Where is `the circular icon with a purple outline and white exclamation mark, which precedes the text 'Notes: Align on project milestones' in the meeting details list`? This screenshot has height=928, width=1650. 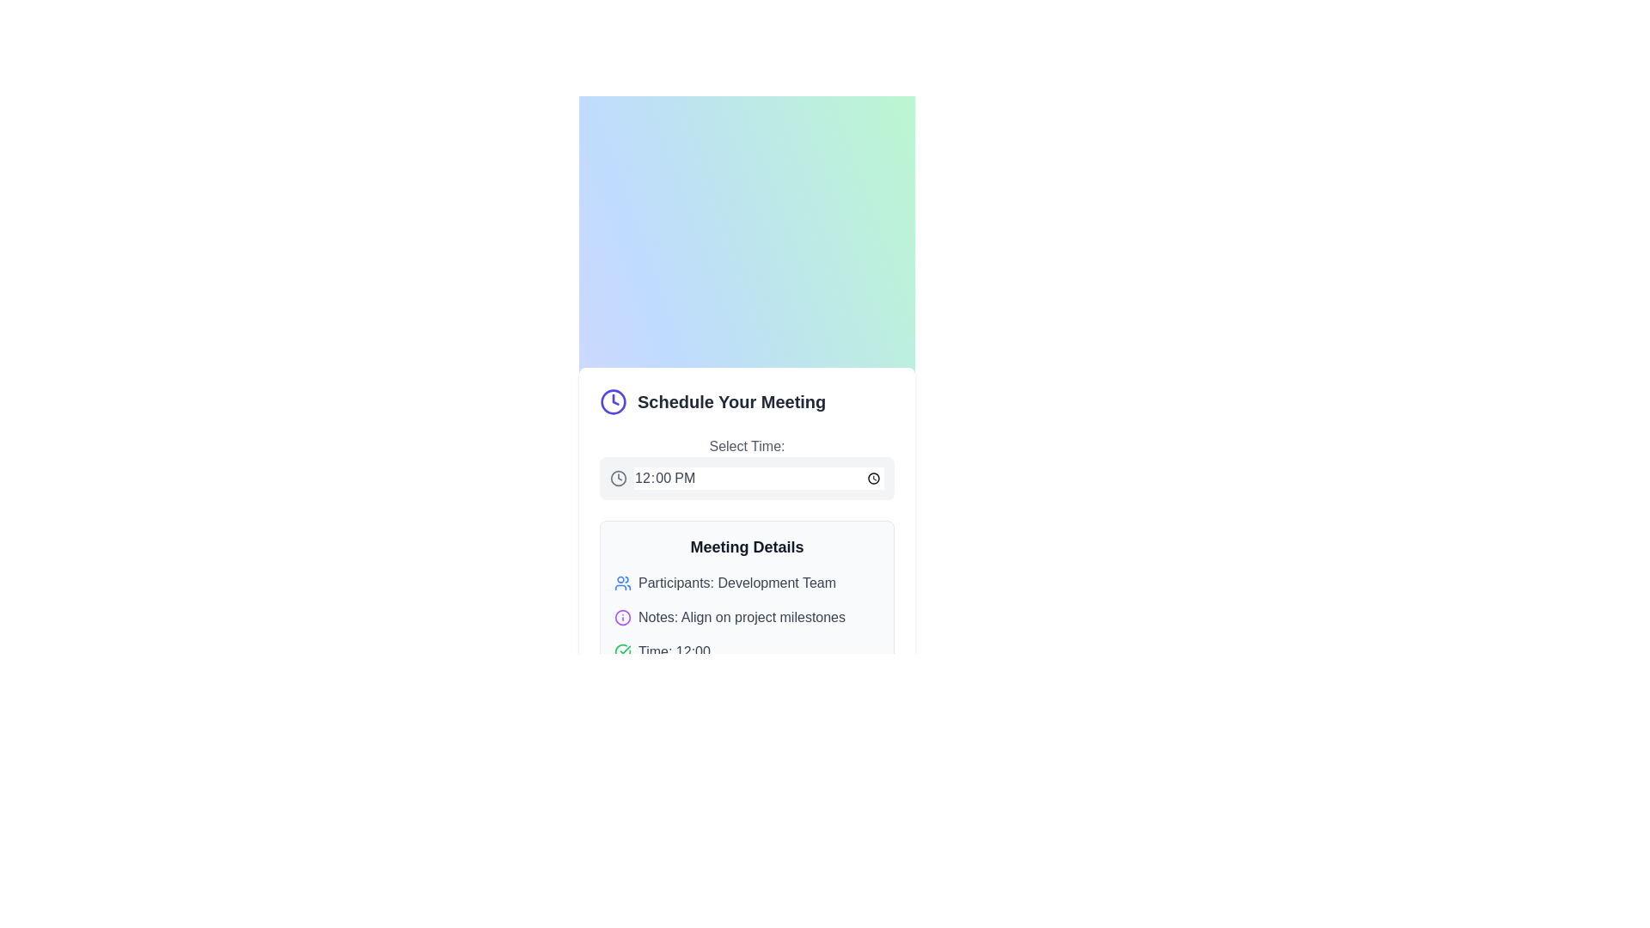 the circular icon with a purple outline and white exclamation mark, which precedes the text 'Notes: Align on project milestones' in the meeting details list is located at coordinates (621, 616).